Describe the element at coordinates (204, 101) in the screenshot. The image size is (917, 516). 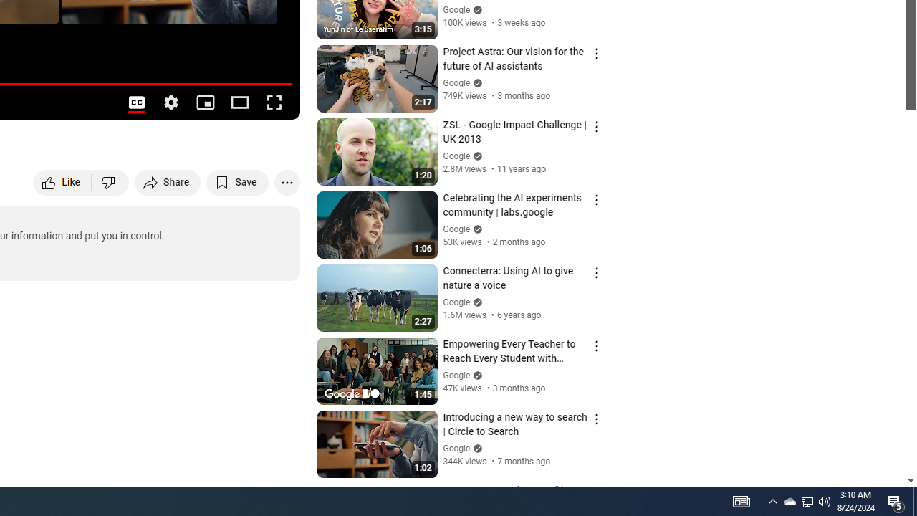
I see `'Miniplayer (i)'` at that location.